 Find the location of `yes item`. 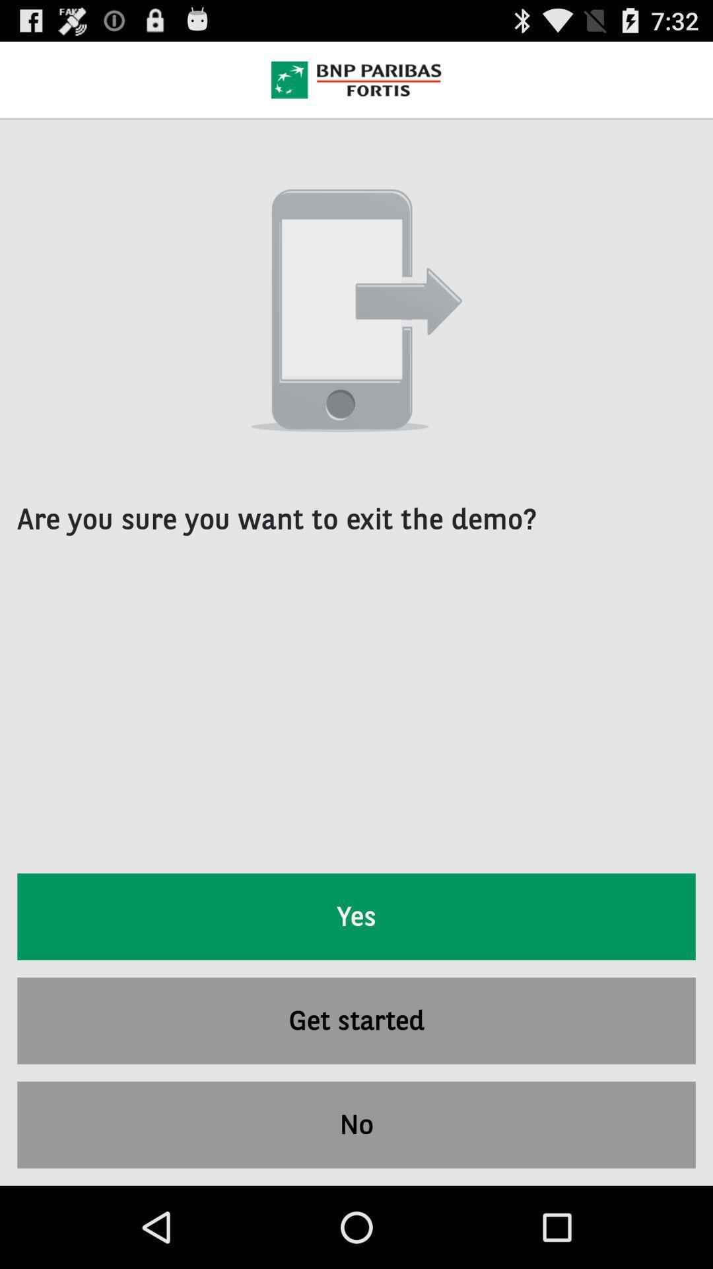

yes item is located at coordinates (356, 916).